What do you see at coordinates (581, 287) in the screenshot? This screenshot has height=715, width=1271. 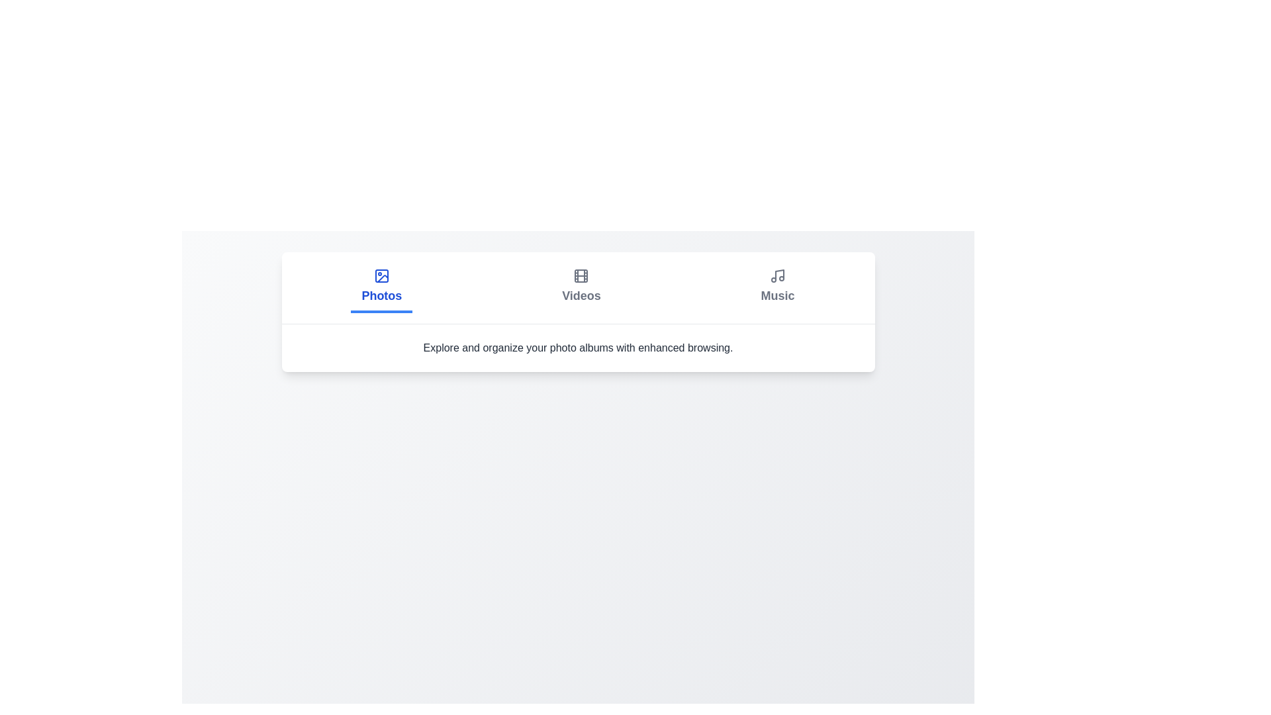 I see `the Videos tab to trigger its hover effect` at bounding box center [581, 287].